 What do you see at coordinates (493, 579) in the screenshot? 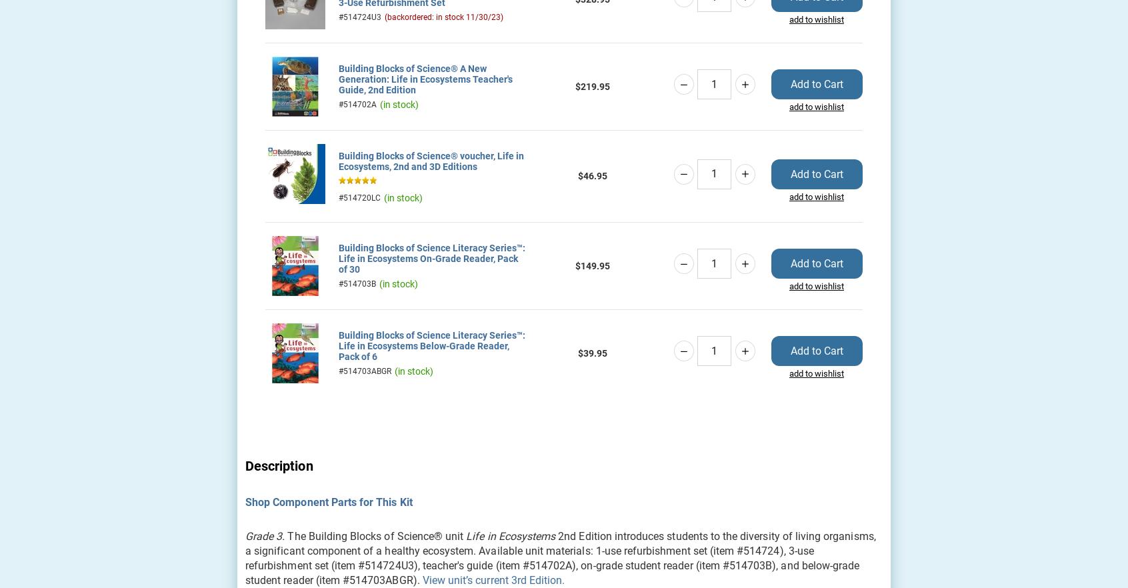
I see `'View unit’s current 3rd Edition.'` at bounding box center [493, 579].